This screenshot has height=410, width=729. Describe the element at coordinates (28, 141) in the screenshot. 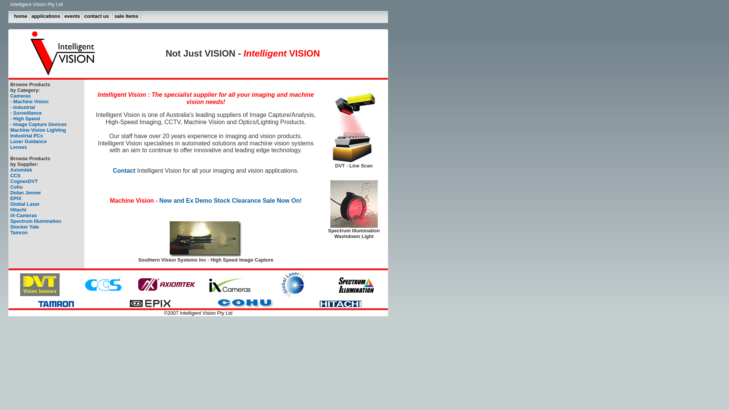

I see `'Laser Guidance'` at that location.